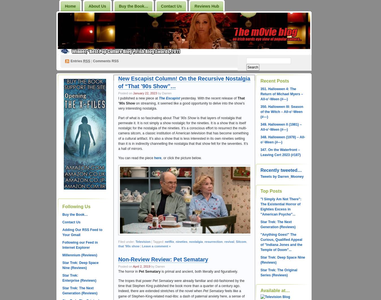  I want to click on 'Comments RSS', so click(106, 61).